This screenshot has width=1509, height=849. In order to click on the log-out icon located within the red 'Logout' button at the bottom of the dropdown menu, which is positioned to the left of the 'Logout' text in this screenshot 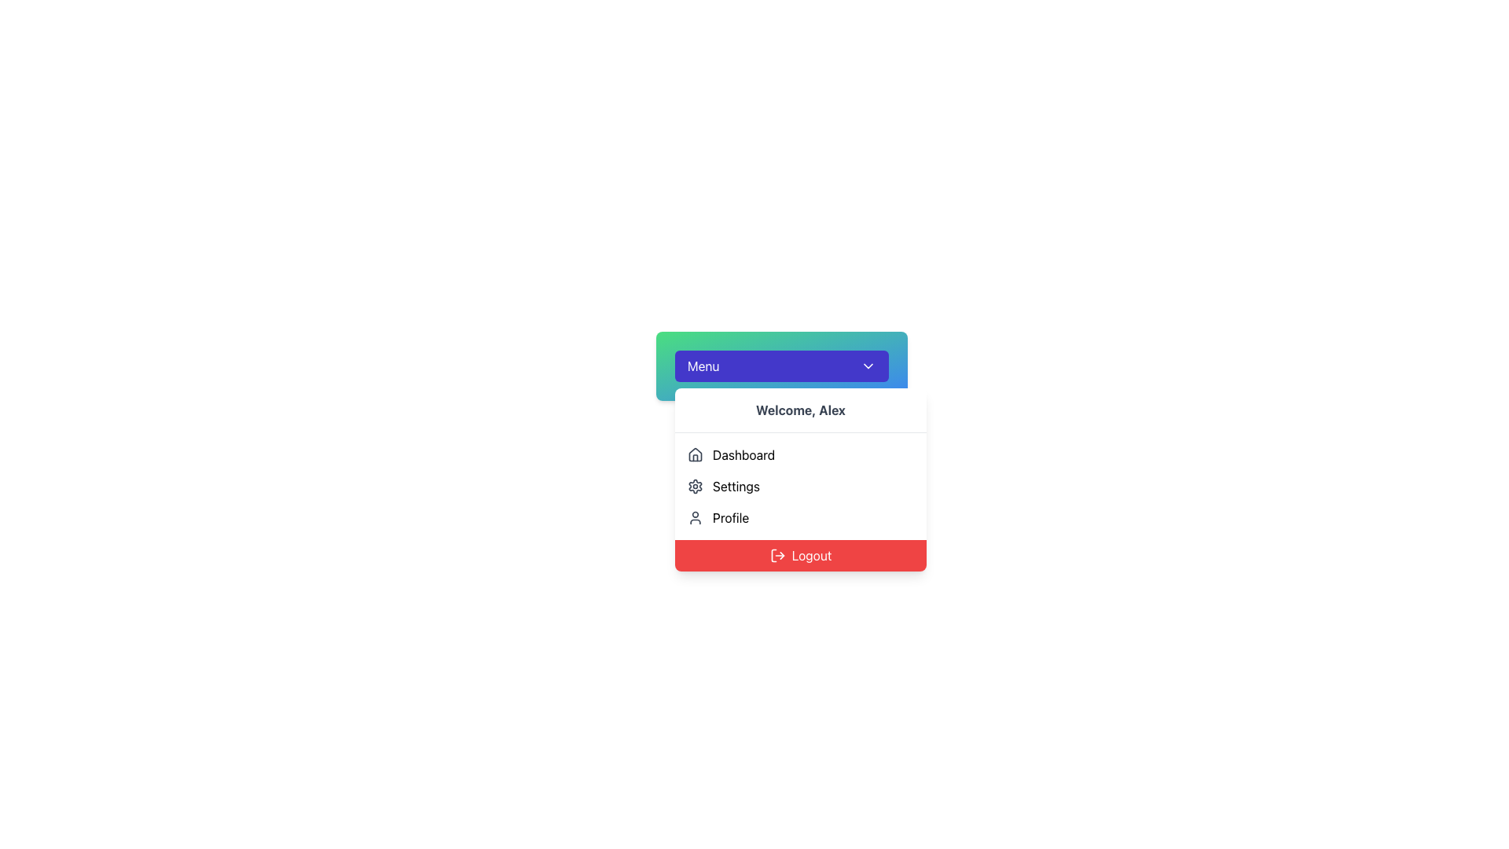, I will do `click(777, 554)`.